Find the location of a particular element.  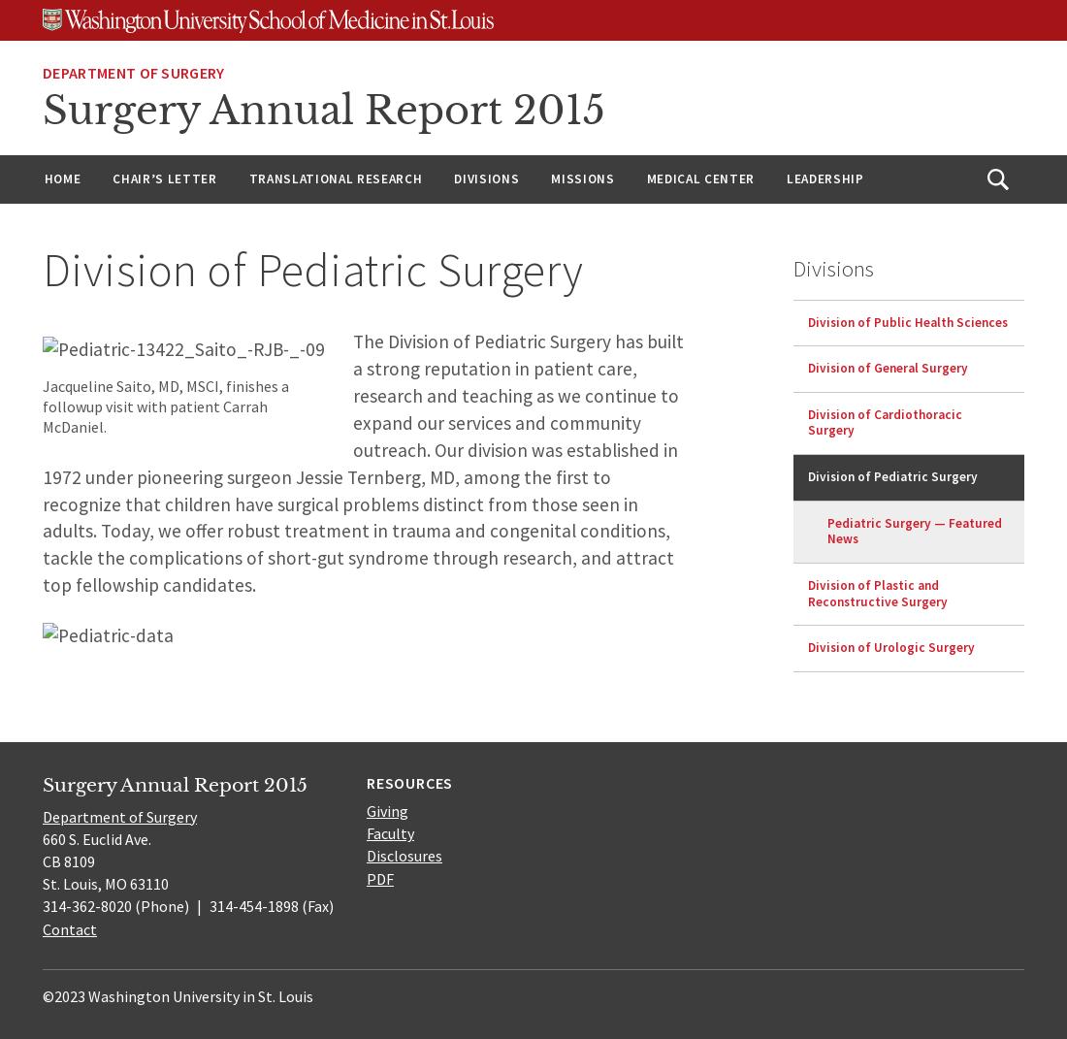

'Division of Plastic and Reconstructive Surgery' is located at coordinates (877, 593).